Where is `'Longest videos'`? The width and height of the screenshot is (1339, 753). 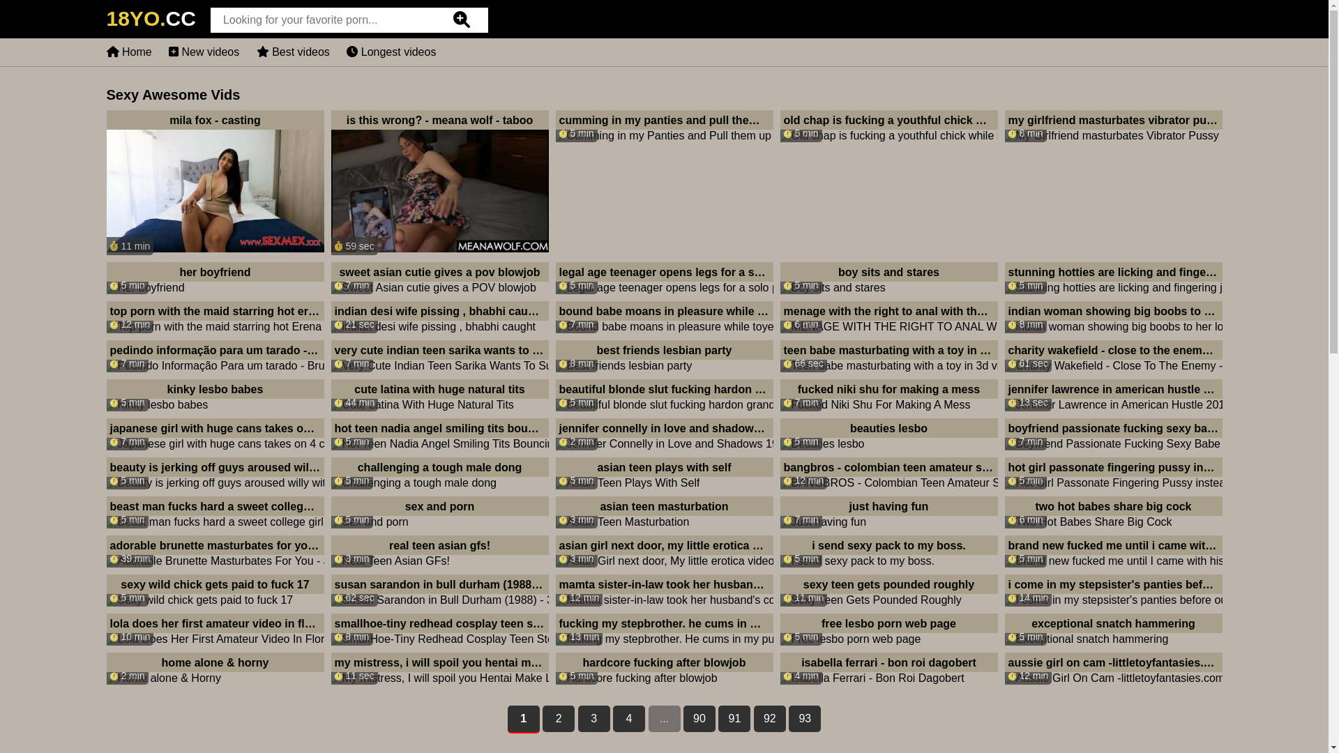
'Longest videos' is located at coordinates (391, 51).